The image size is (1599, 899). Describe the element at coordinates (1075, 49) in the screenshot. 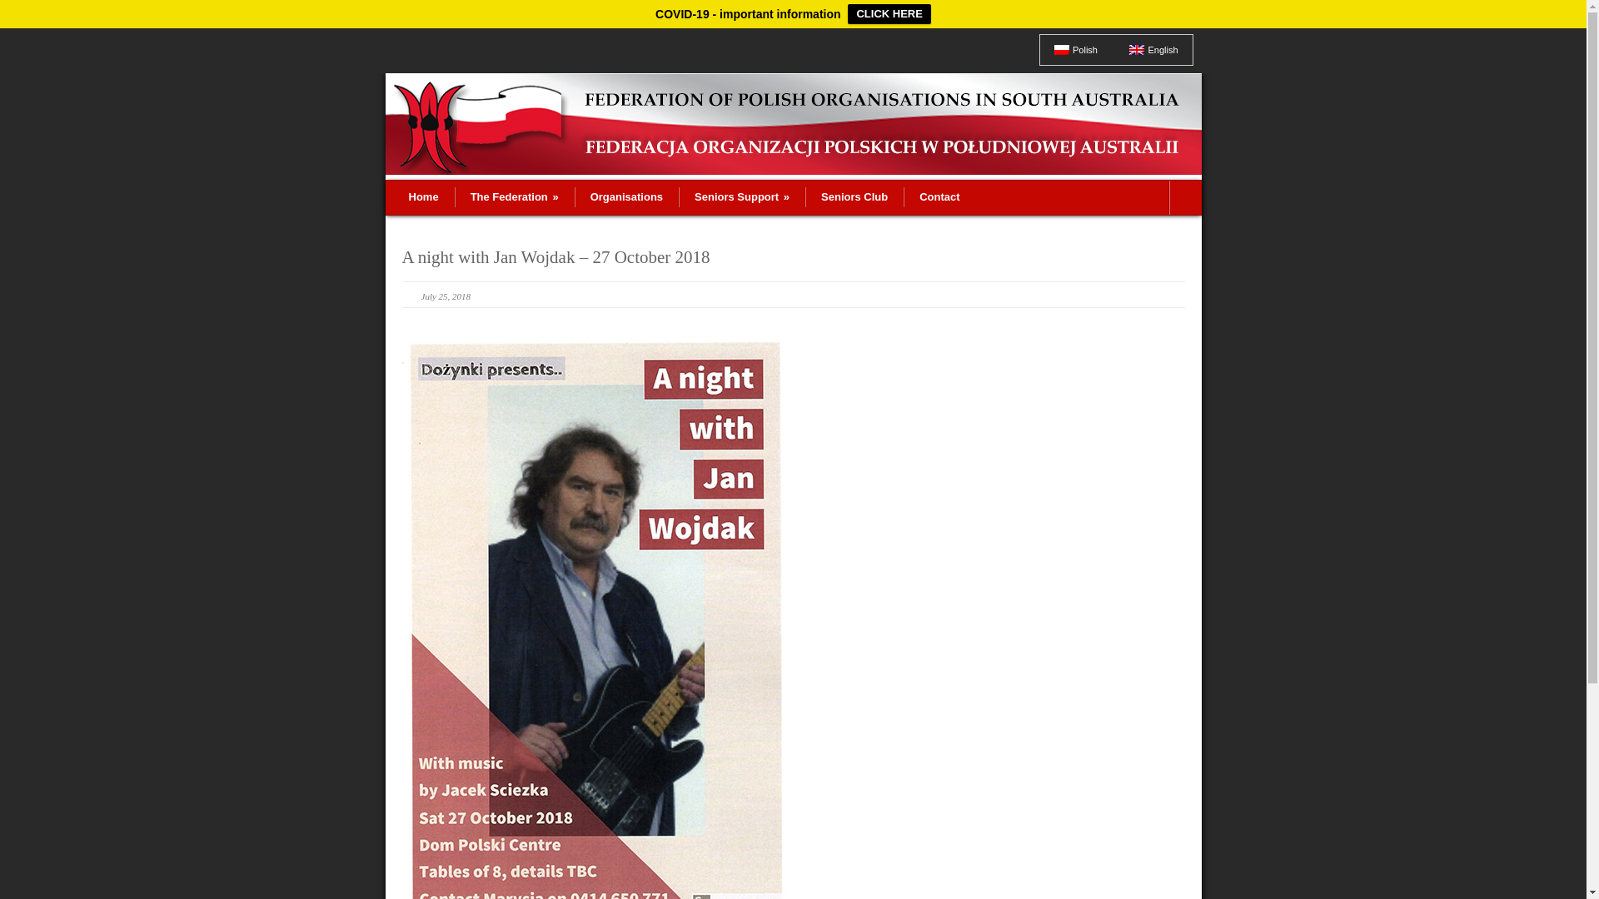

I see `'Polish'` at that location.